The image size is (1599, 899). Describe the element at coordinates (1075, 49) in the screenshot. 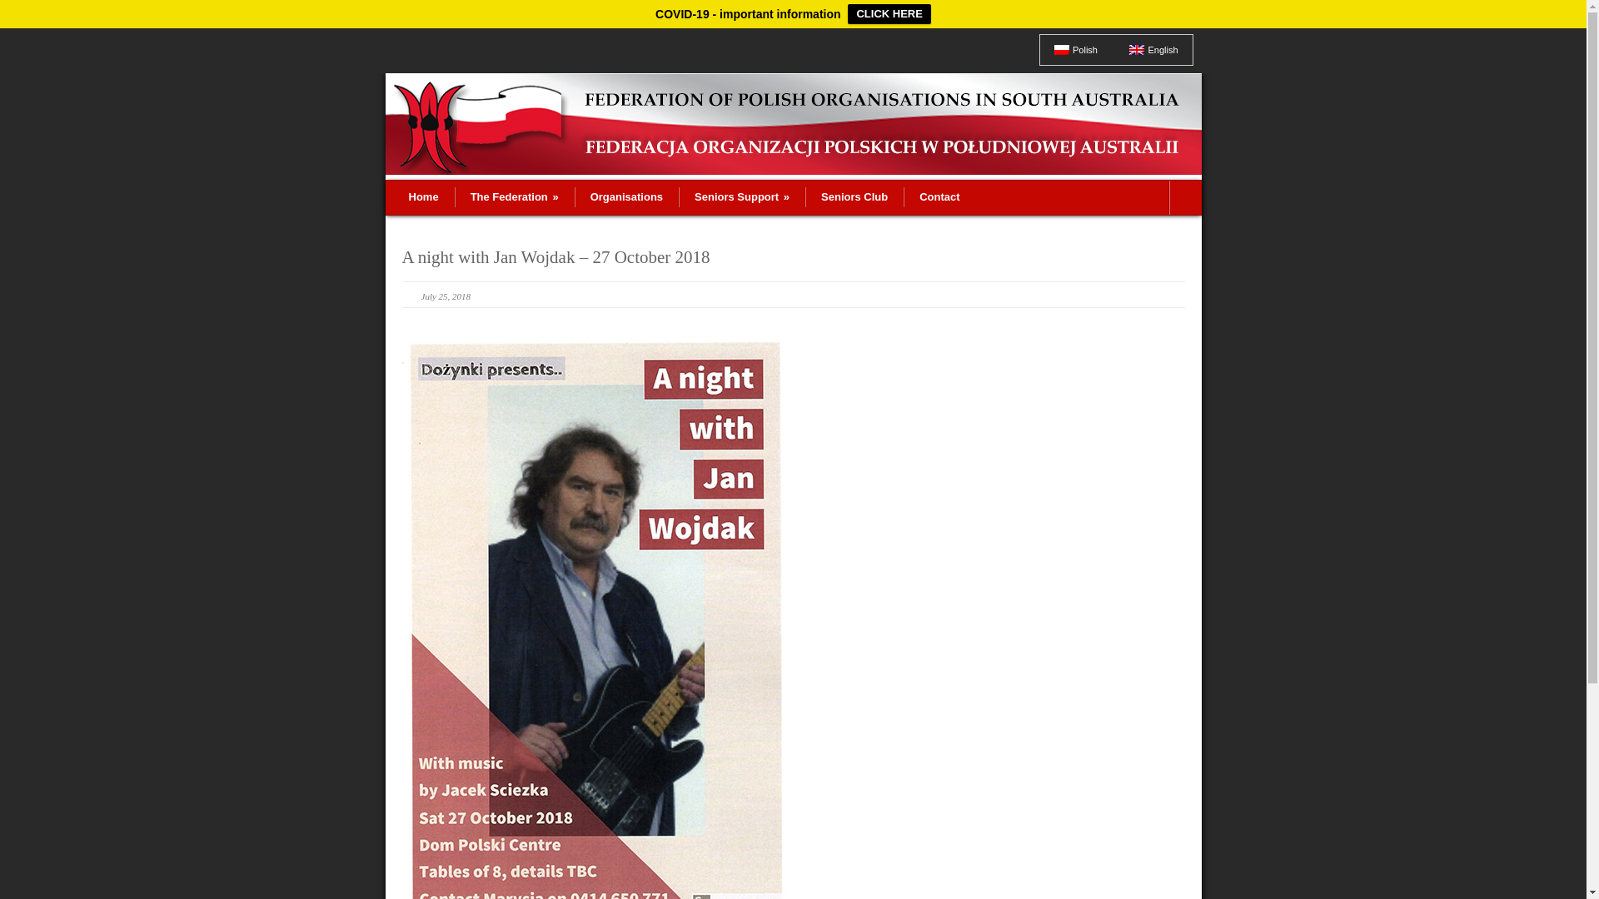

I see `'Polish'` at that location.